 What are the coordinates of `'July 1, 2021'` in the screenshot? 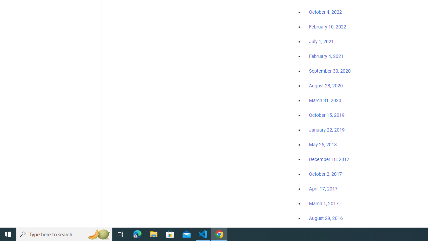 It's located at (321, 42).